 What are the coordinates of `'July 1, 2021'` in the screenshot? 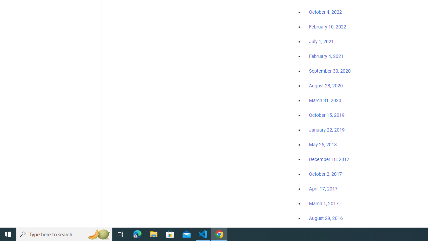 It's located at (321, 42).